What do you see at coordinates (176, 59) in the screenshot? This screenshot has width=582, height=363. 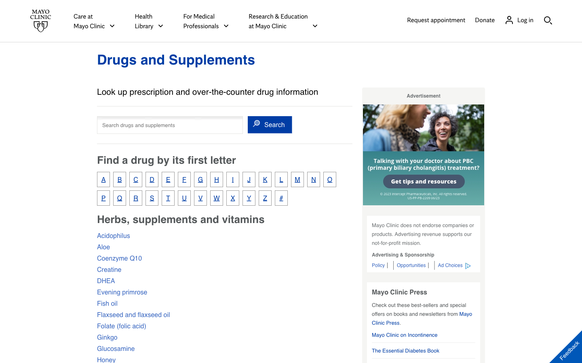 I see `a reload of the current page without use of keystrokes` at bounding box center [176, 59].